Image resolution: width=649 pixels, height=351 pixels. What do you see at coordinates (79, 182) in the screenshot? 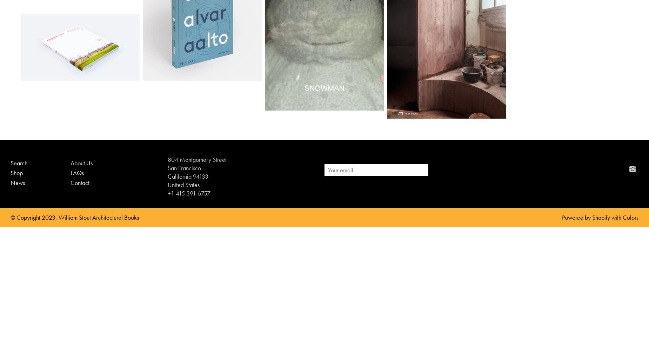
I see `'Contact'` at bounding box center [79, 182].